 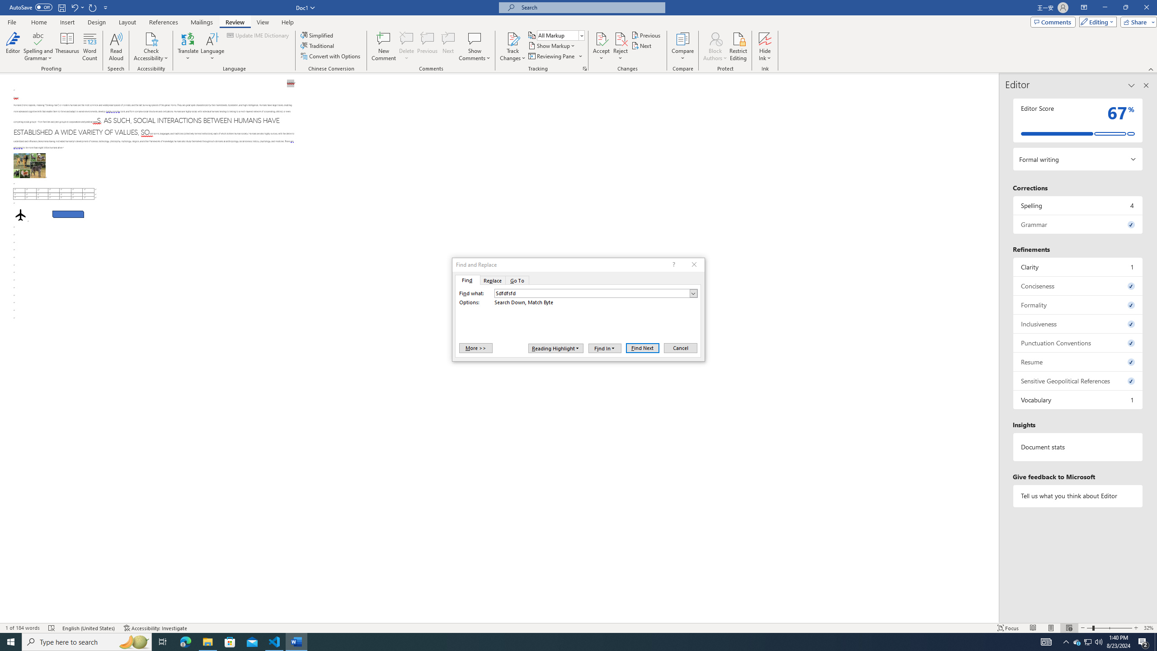 I want to click on 'Show Markup', so click(x=552, y=45).